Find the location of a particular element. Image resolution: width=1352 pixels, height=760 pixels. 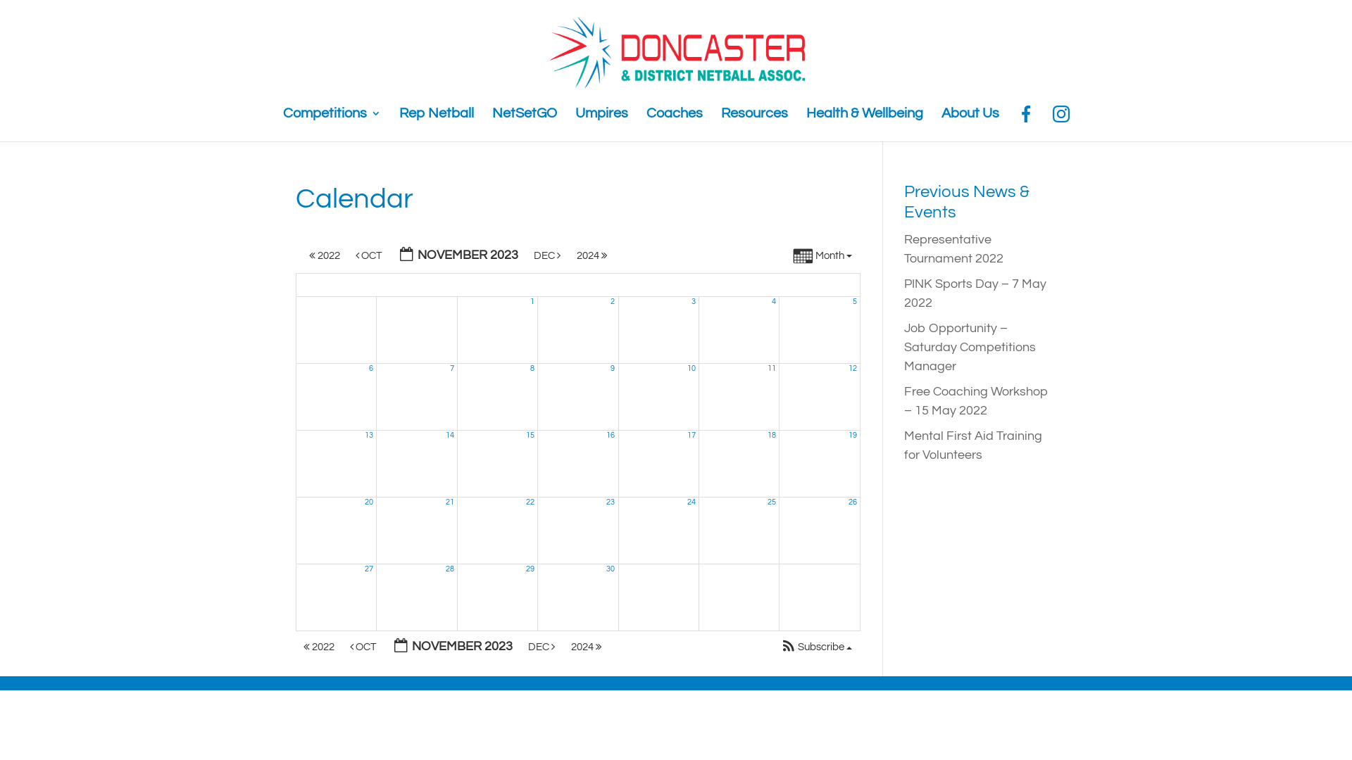

'4' is located at coordinates (773, 300).